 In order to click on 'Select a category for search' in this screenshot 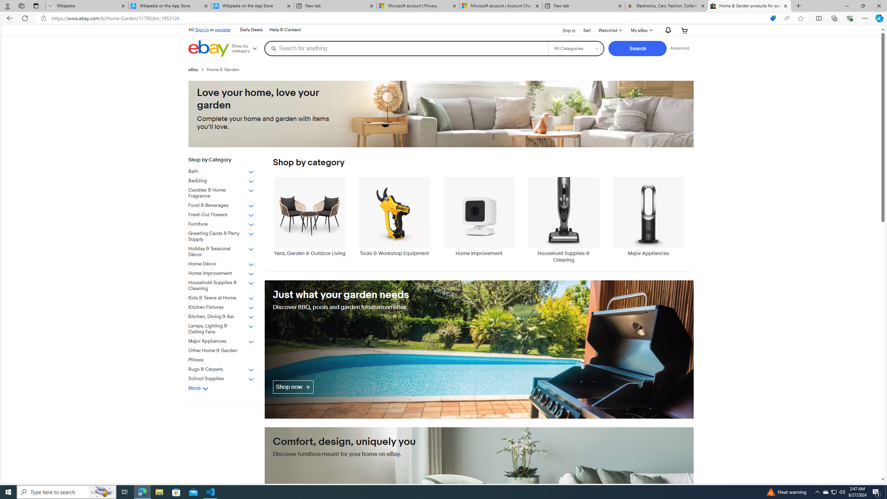, I will do `click(576, 48)`.